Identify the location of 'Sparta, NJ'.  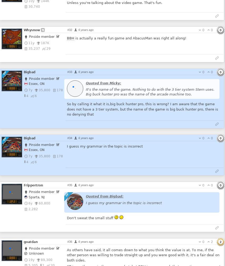
(36, 197).